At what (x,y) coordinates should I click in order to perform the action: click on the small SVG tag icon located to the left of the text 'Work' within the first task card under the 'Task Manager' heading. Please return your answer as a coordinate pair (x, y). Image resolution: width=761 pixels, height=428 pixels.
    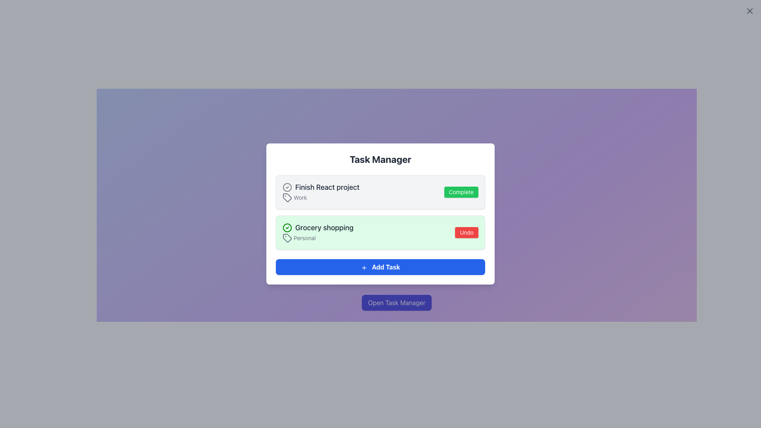
    Looking at the image, I should click on (287, 197).